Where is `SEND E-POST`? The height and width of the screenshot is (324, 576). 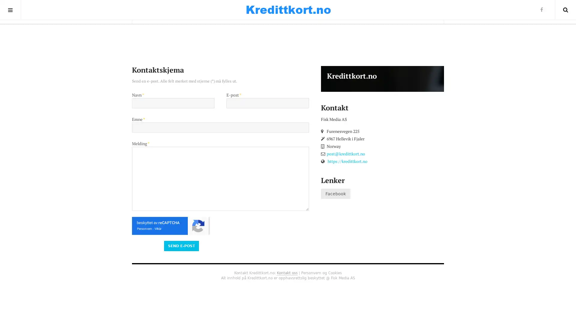
SEND E-POST is located at coordinates (181, 245).